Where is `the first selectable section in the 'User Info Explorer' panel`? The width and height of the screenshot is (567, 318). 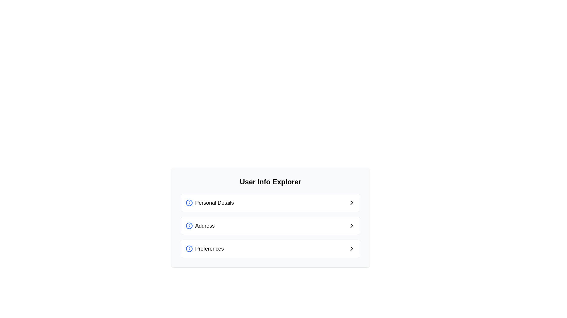 the first selectable section in the 'User Info Explorer' panel is located at coordinates (270, 203).